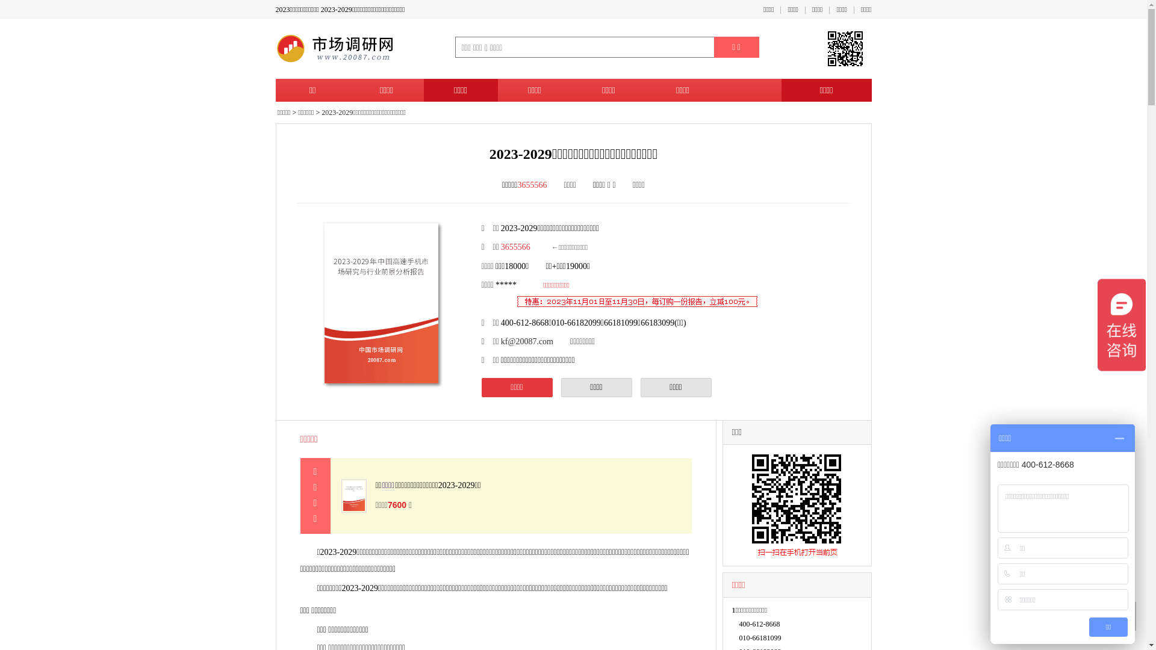 This screenshot has width=1156, height=650. Describe the element at coordinates (527, 341) in the screenshot. I see `'kf@20087.com'` at that location.